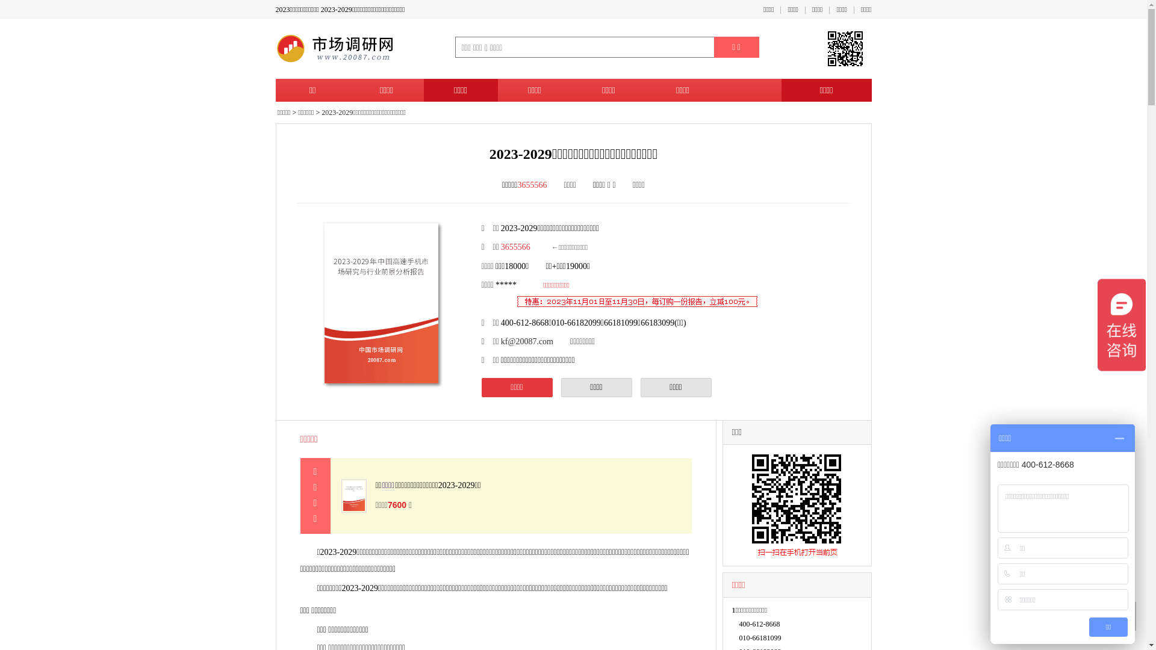 This screenshot has width=1156, height=650. Describe the element at coordinates (527, 341) in the screenshot. I see `'kf@20087.com'` at that location.